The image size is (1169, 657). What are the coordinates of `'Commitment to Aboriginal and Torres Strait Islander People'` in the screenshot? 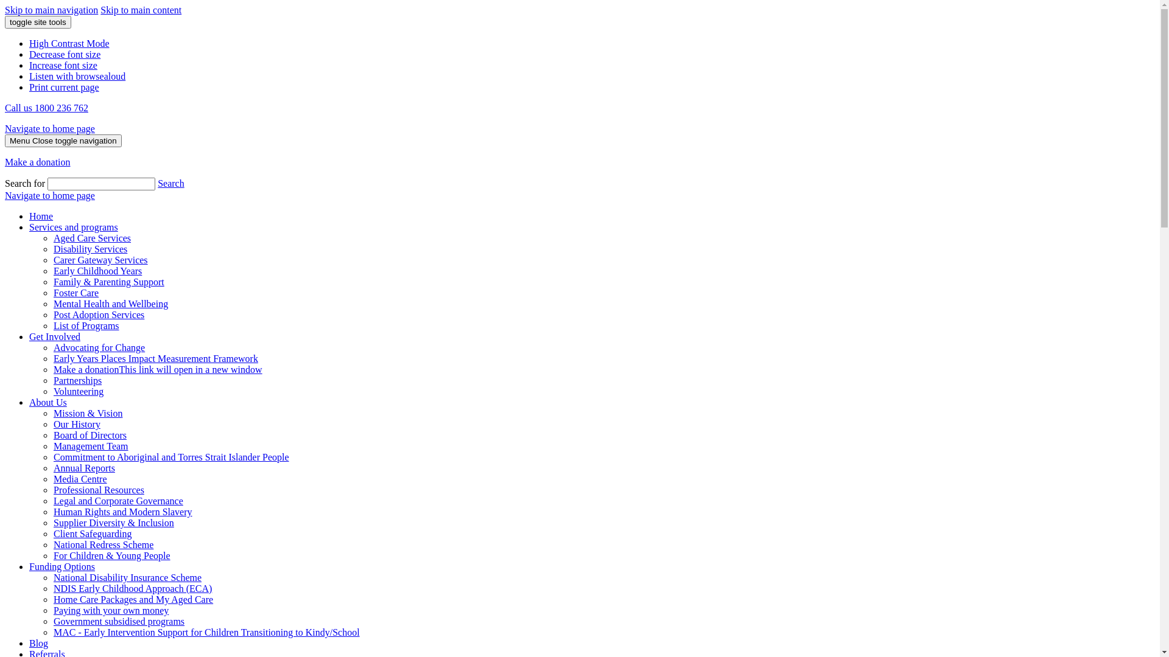 It's located at (170, 457).